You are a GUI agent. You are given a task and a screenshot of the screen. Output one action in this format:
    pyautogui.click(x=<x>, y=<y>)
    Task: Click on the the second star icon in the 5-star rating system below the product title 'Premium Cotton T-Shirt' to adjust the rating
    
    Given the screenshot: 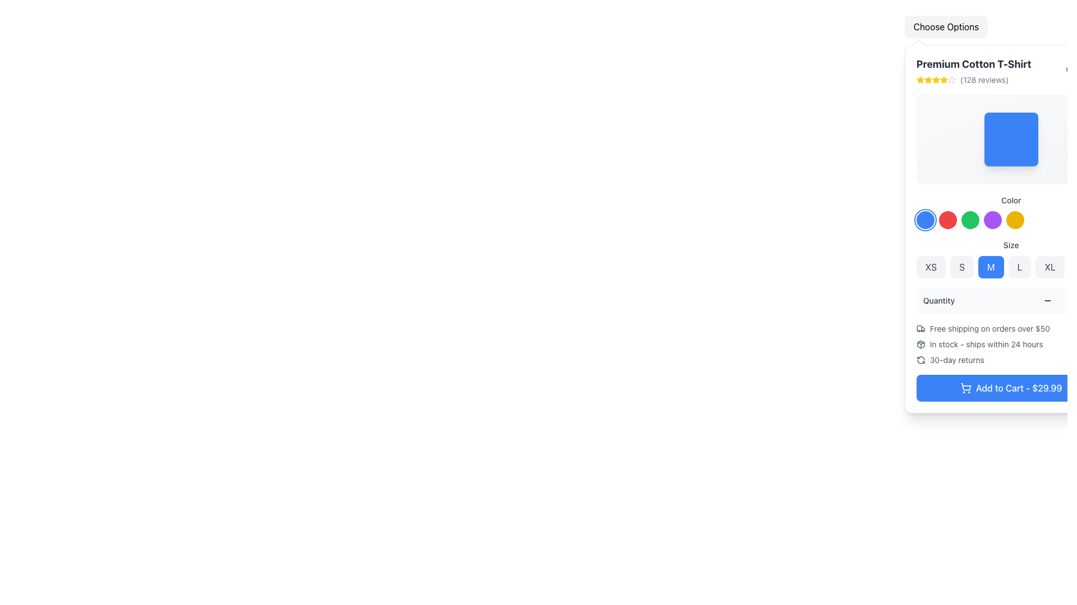 What is the action you would take?
    pyautogui.click(x=928, y=79)
    